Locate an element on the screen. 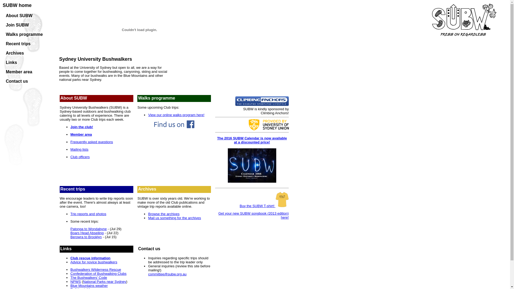  'Contact us' is located at coordinates (17, 81).